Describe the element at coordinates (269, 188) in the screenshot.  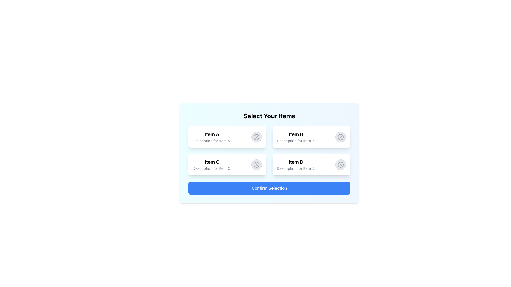
I see `the 'Confirm Selection' button` at that location.